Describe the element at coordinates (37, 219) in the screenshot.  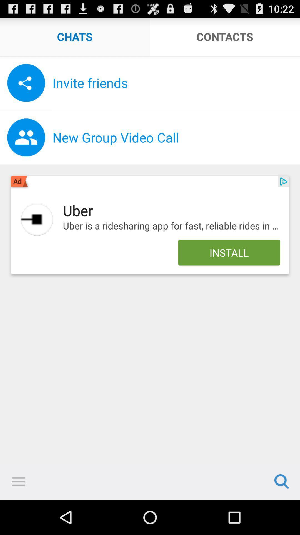
I see `the icon to the left of the uber item` at that location.